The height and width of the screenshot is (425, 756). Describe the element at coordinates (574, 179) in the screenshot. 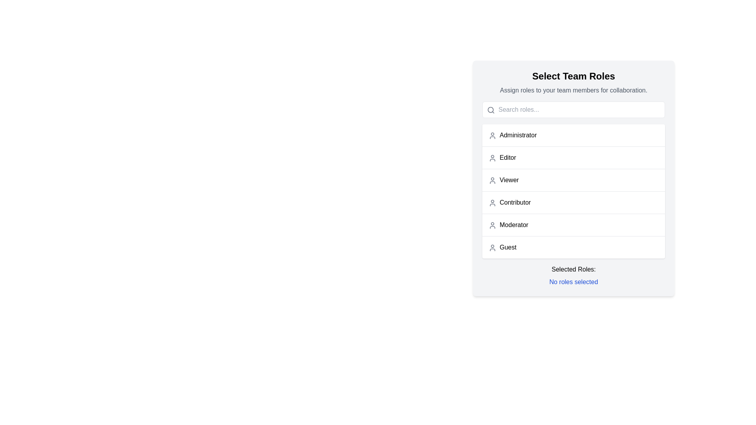

I see `the third selectable role option in the vertically stacked list` at that location.